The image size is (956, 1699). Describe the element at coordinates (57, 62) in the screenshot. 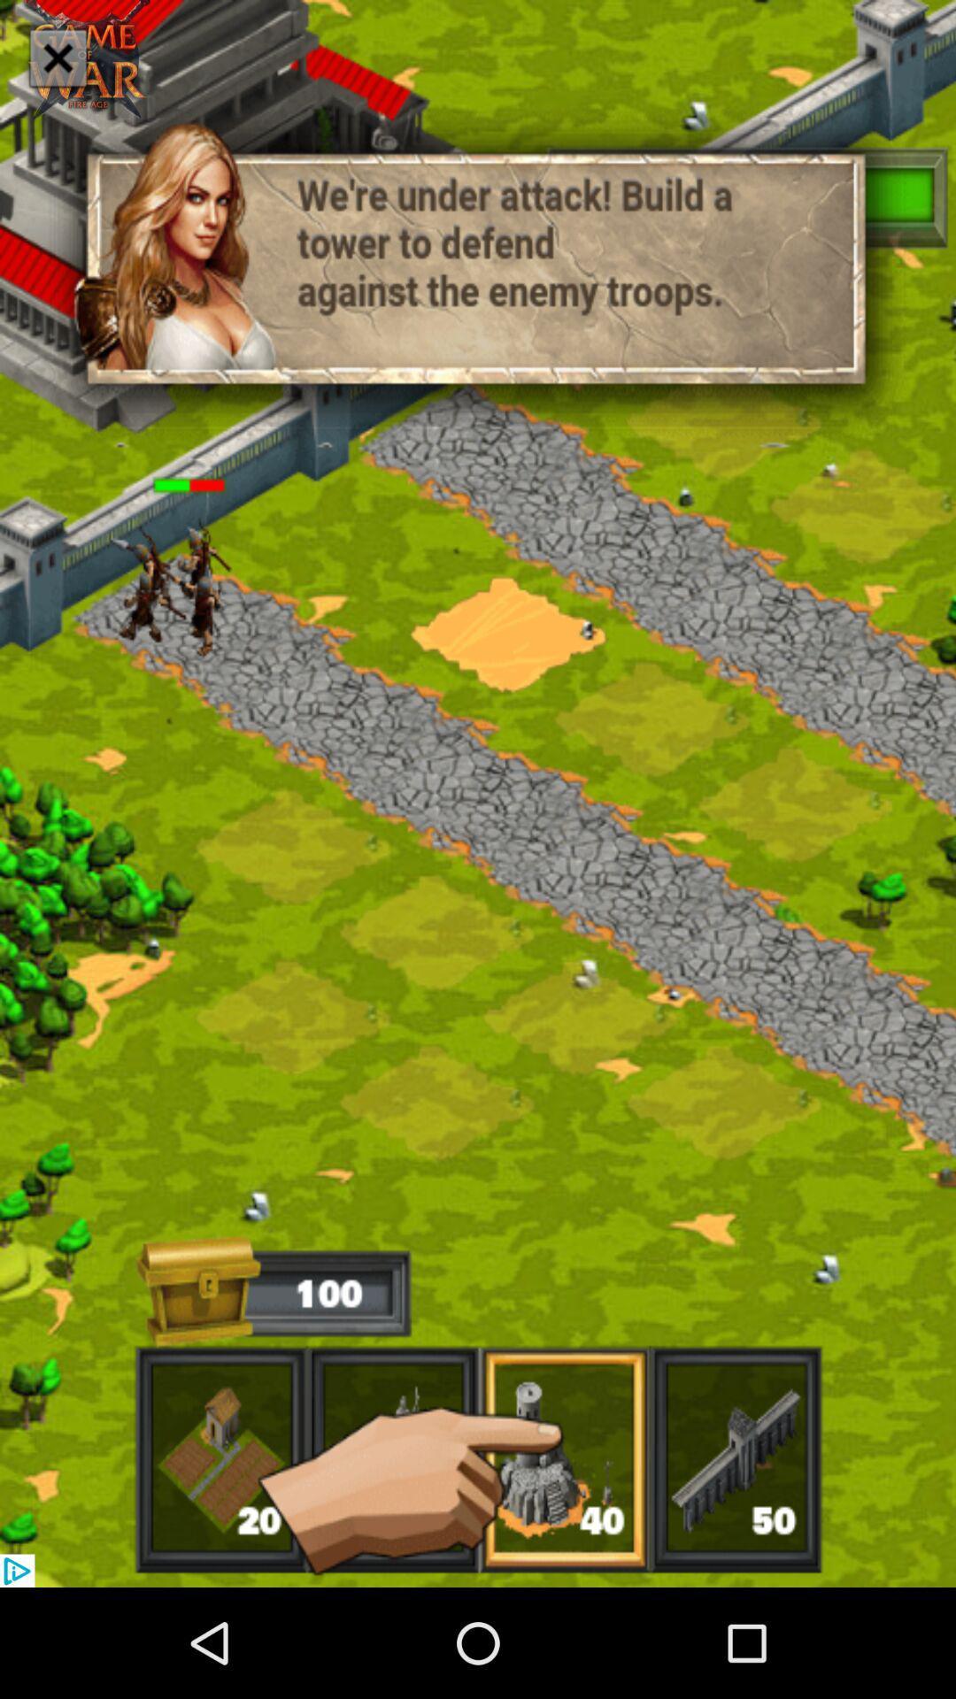

I see `the close icon` at that location.